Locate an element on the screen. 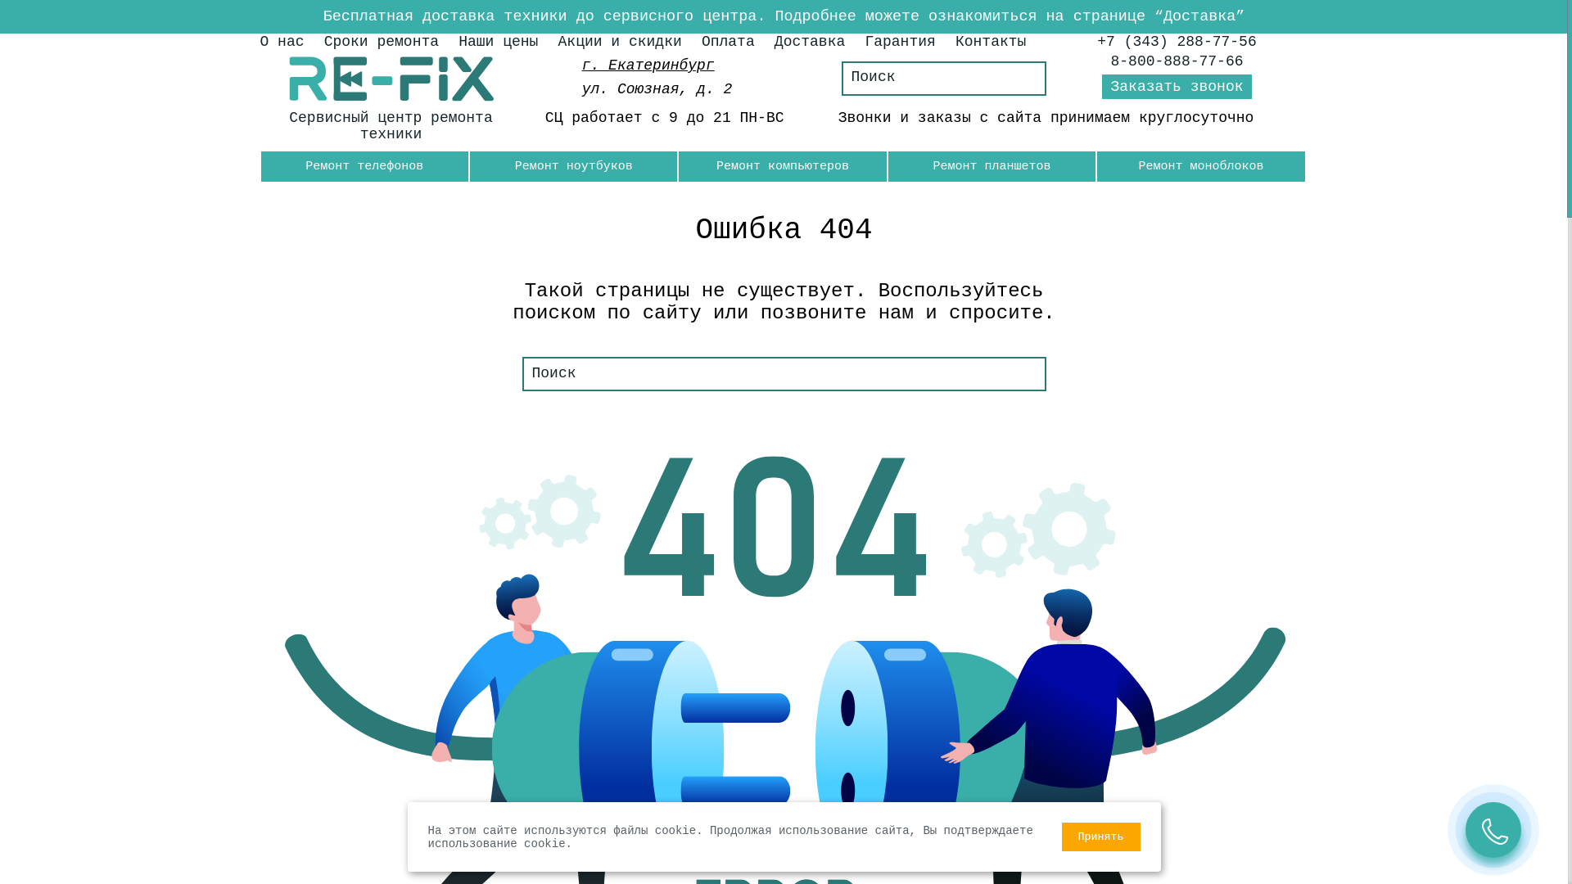 This screenshot has height=884, width=1572. '8-800-888-77-66' is located at coordinates (1177, 60).